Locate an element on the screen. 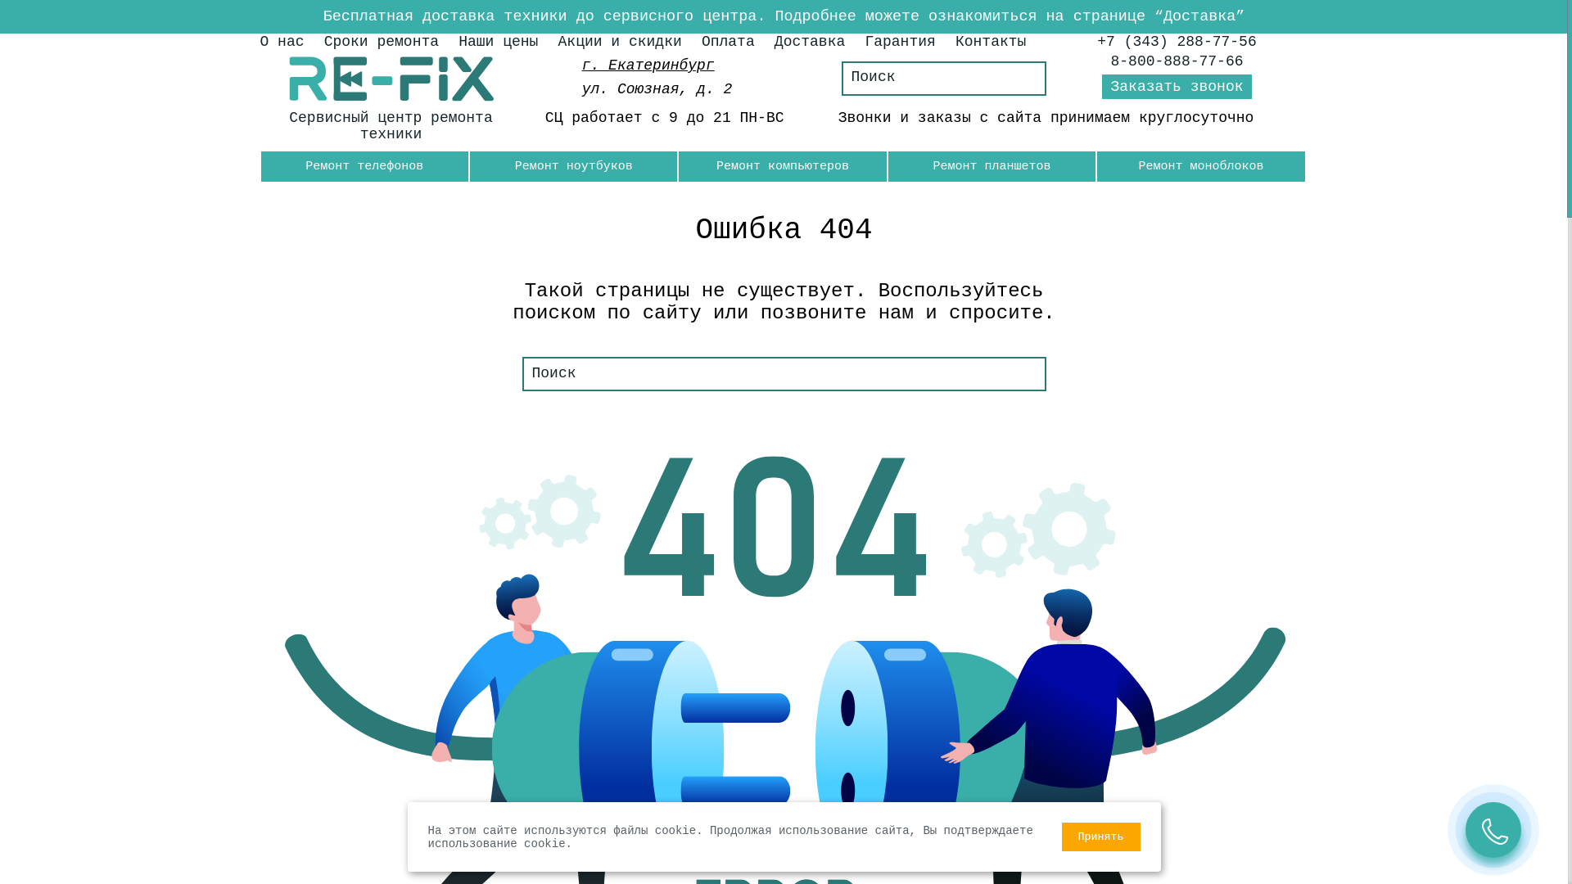 This screenshot has height=884, width=1572. '8-800-888-77-66' is located at coordinates (1177, 60).